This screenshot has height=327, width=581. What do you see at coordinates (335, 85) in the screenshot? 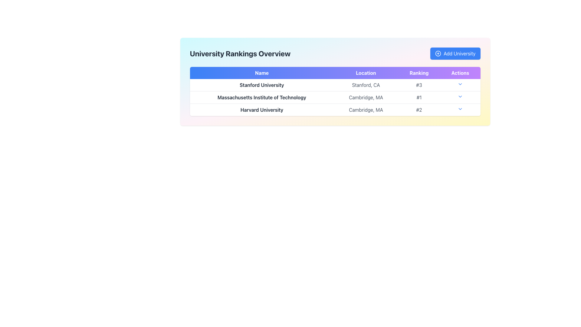
I see `the first row in the university rankings data table that contains details for 'Stanford University'` at bounding box center [335, 85].